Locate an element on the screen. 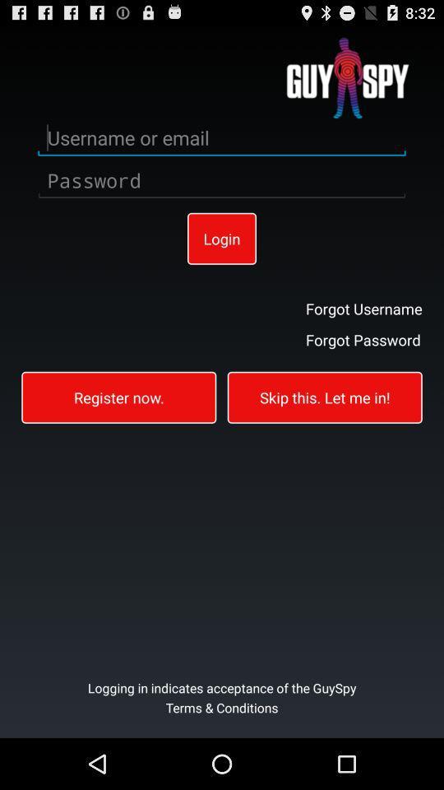  the app above logging in indicates icon is located at coordinates (118, 396).